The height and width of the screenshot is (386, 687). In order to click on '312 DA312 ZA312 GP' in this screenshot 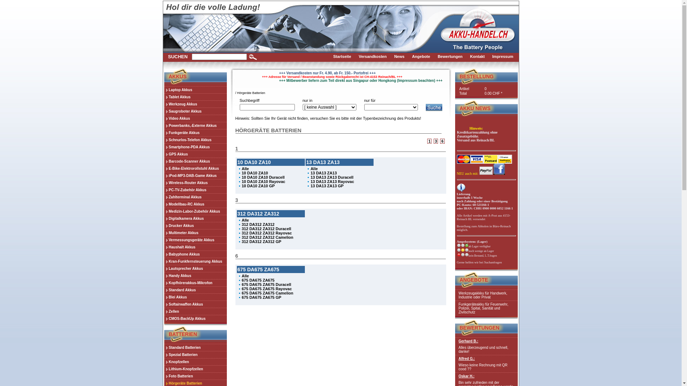, I will do `click(261, 241)`.